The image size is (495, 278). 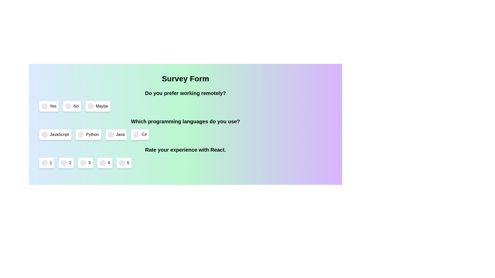 What do you see at coordinates (76, 106) in the screenshot?
I see `text of the label that says 'No.' which is part of a horizontal group of options labeled 'Yes,' 'No,' and 'Maybe.' It is located in the top left quadrant of the interface, next to the circular selection indicator` at bounding box center [76, 106].